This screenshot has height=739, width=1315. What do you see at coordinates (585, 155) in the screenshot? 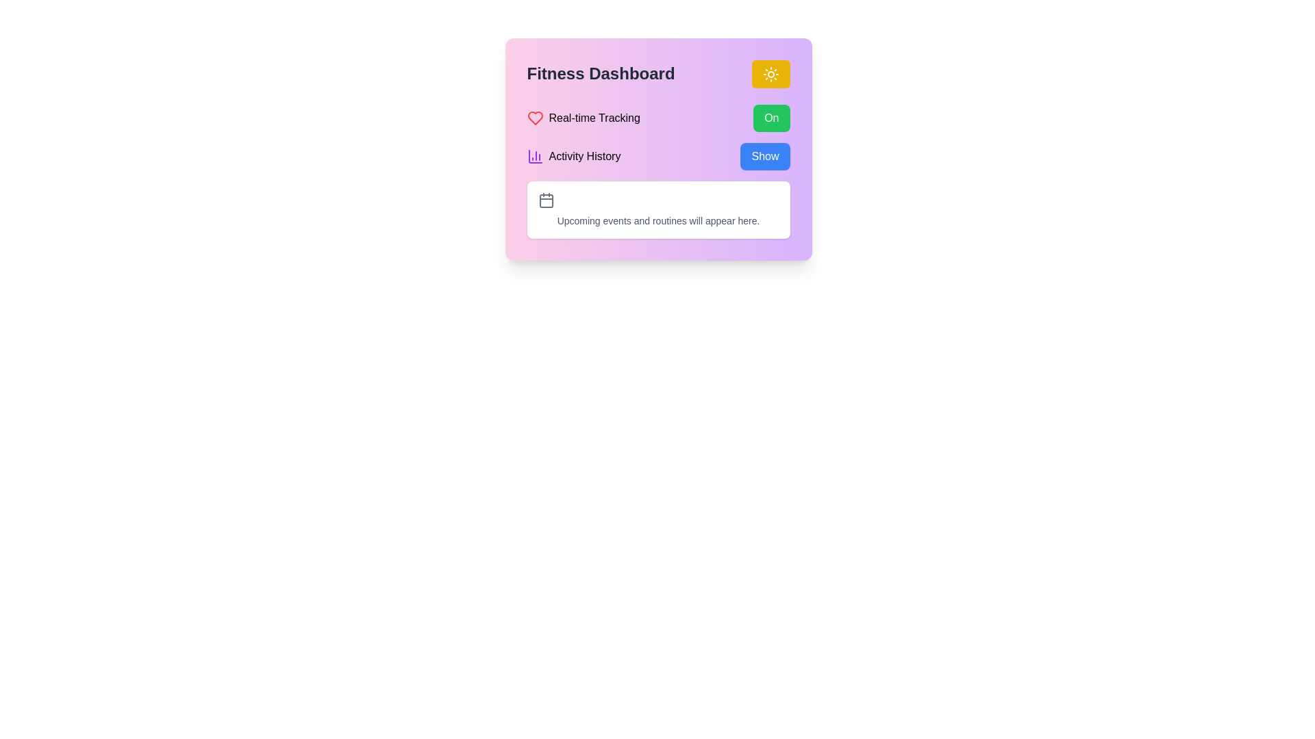
I see `the 'Activity History' text label located within the card interface, positioned below the 'Real-time Tracking' label and above the calendar widget` at bounding box center [585, 155].